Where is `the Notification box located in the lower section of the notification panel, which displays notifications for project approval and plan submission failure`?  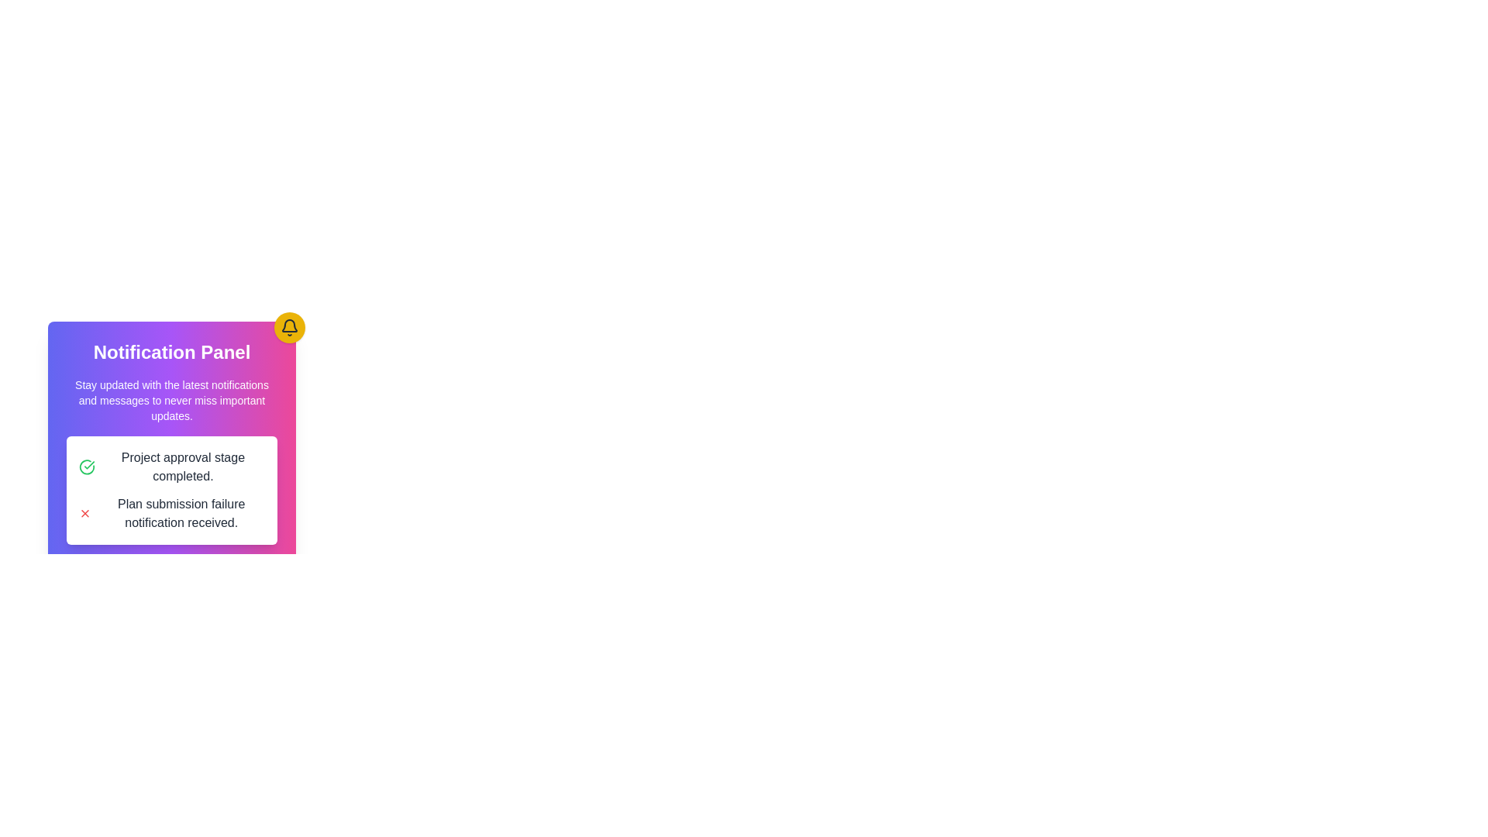
the Notification box located in the lower section of the notification panel, which displays notifications for project approval and plan submission failure is located at coordinates (171, 490).